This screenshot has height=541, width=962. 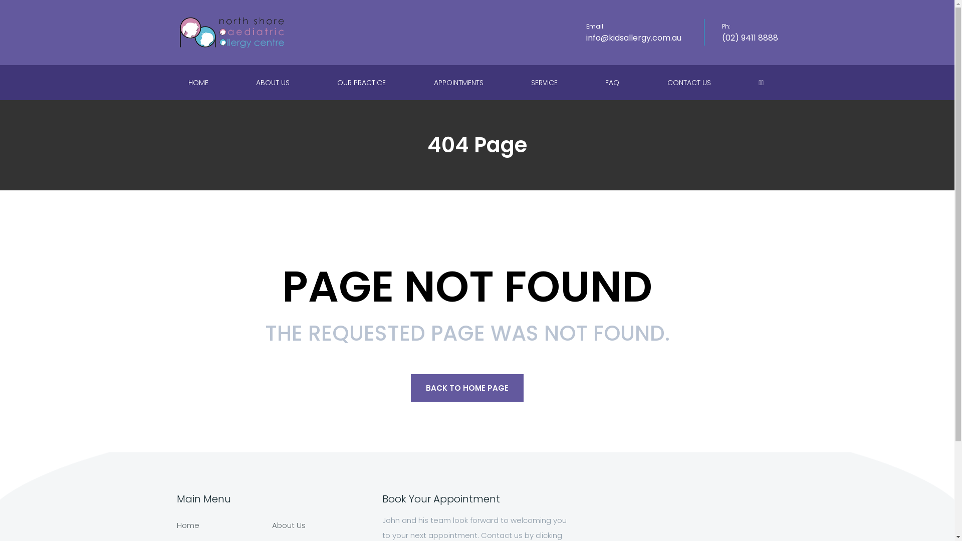 What do you see at coordinates (288, 524) in the screenshot?
I see `'About Us'` at bounding box center [288, 524].